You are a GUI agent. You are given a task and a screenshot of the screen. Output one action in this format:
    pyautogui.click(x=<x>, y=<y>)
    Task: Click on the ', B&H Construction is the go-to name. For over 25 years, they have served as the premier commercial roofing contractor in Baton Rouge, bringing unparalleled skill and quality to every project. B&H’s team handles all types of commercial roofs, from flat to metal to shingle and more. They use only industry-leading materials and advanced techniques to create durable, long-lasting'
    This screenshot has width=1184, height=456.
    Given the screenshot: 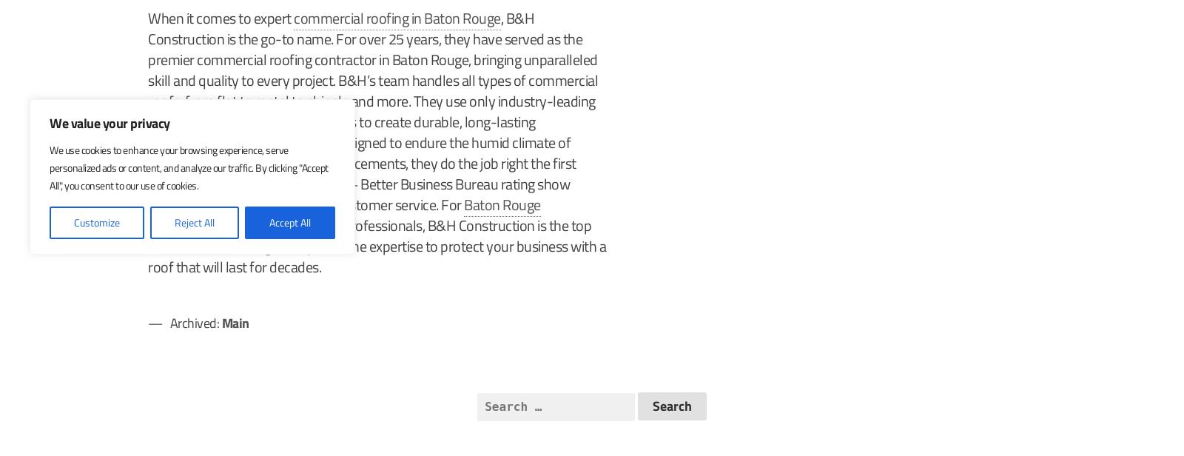 What is the action you would take?
    pyautogui.click(x=372, y=70)
    